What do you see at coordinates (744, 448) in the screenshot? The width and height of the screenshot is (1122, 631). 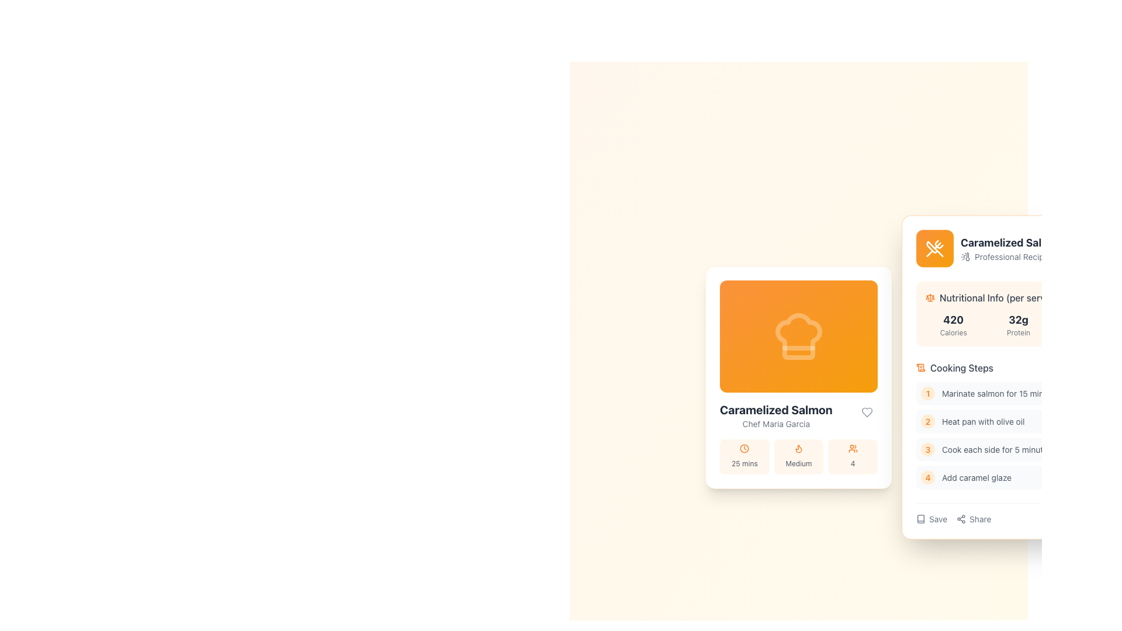 I see `the clock icon representing the preparation time for the recipe, which is visually supported by the text '25 mins' below it` at bounding box center [744, 448].